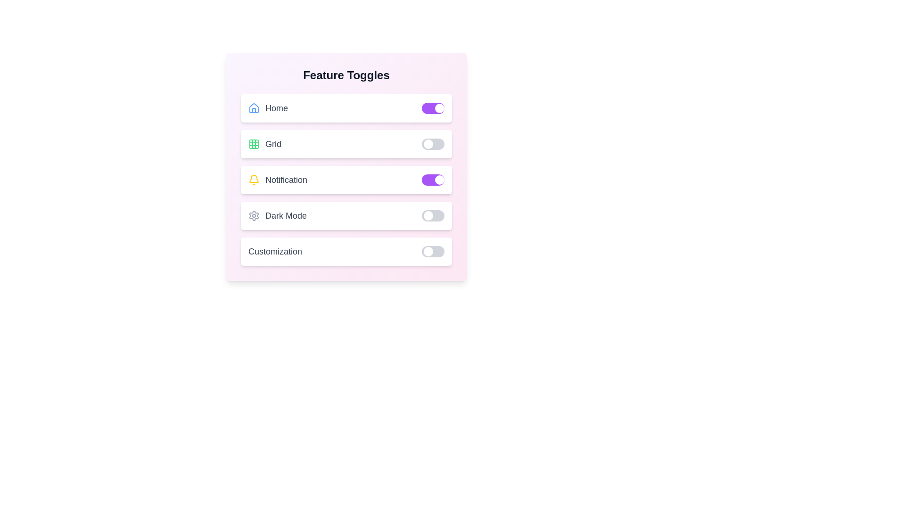 The height and width of the screenshot is (509, 905). What do you see at coordinates (254, 144) in the screenshot?
I see `the green-outlined three-by-three grid icon located as the second item in the toggleable features list, positioned between the 'Home' and 'Notification' icons` at bounding box center [254, 144].